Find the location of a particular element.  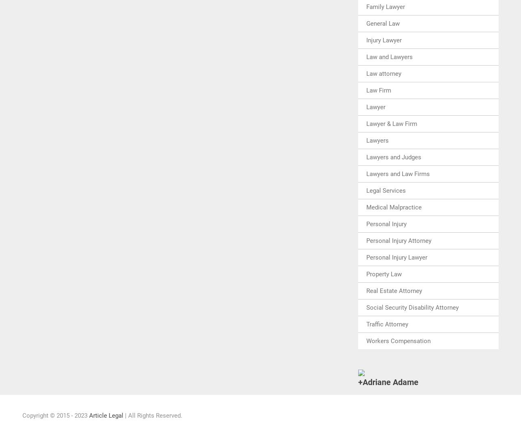

'Property Law' is located at coordinates (383, 273).